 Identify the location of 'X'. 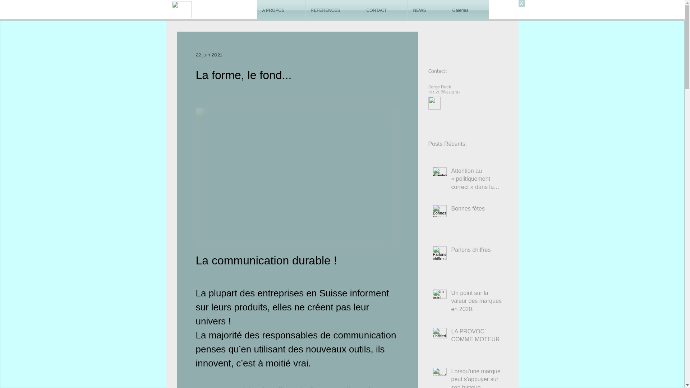
(521, 3).